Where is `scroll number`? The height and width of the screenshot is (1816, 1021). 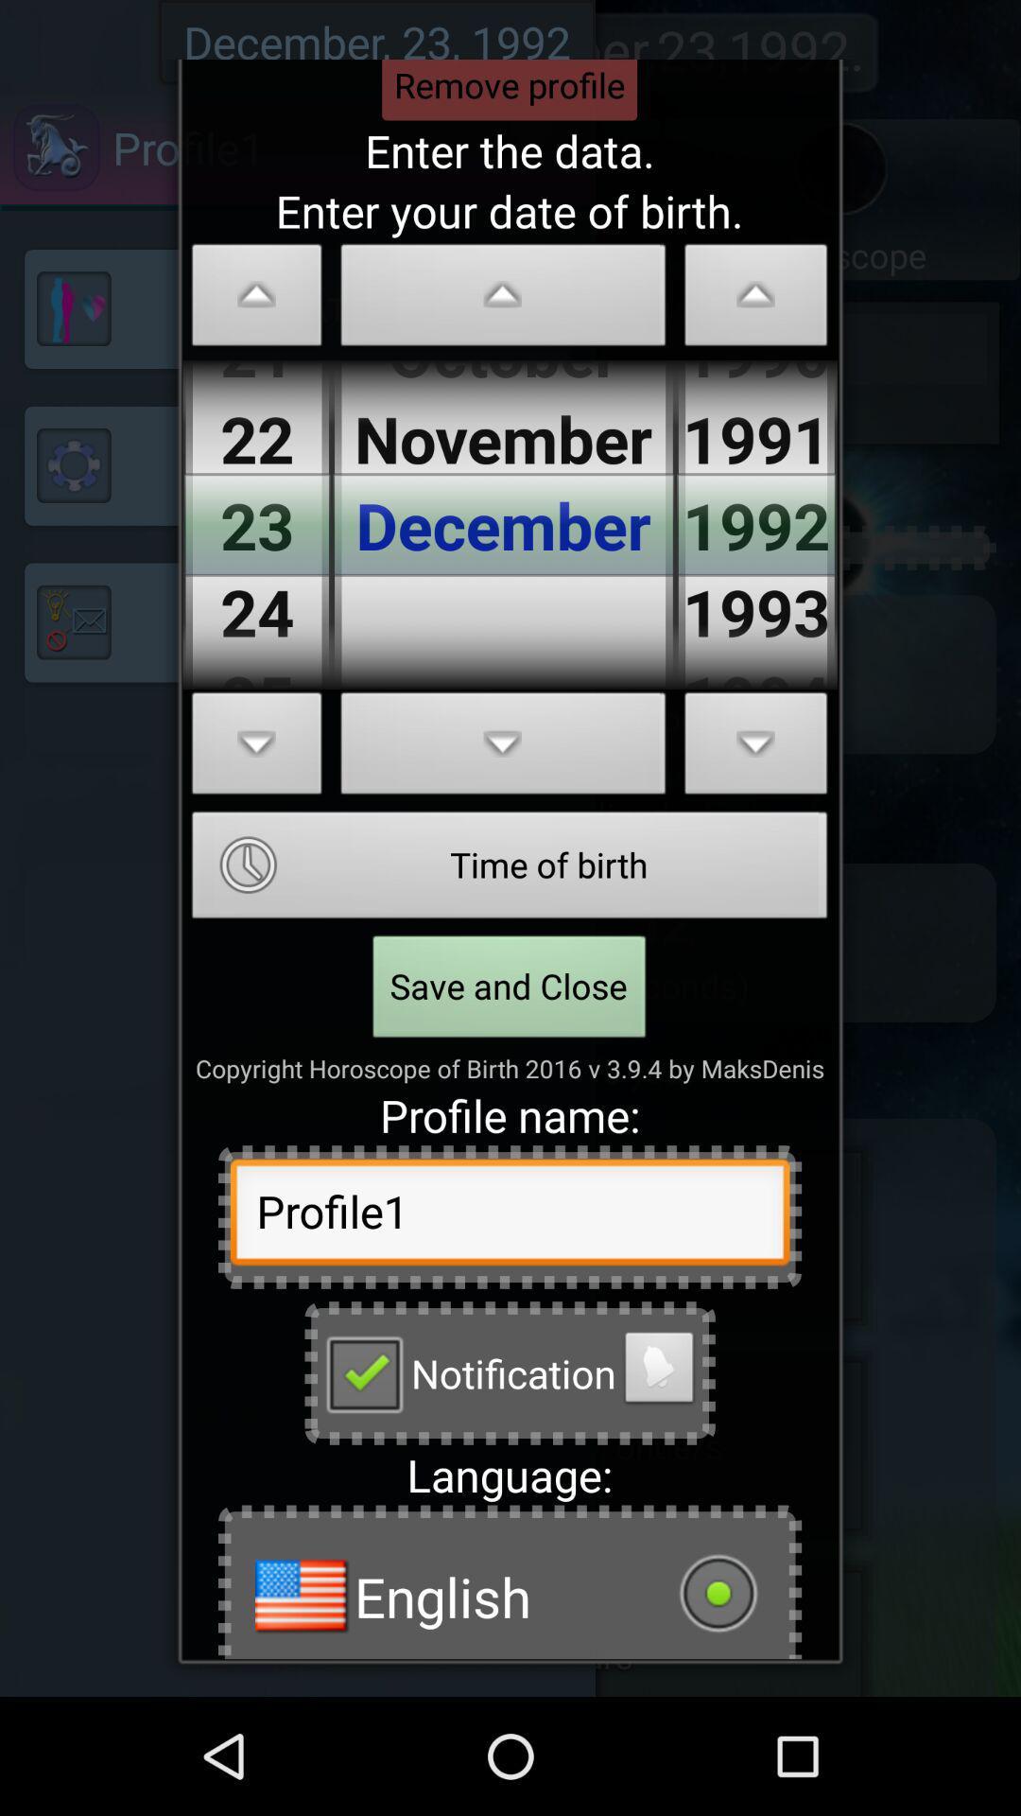
scroll number is located at coordinates (257, 299).